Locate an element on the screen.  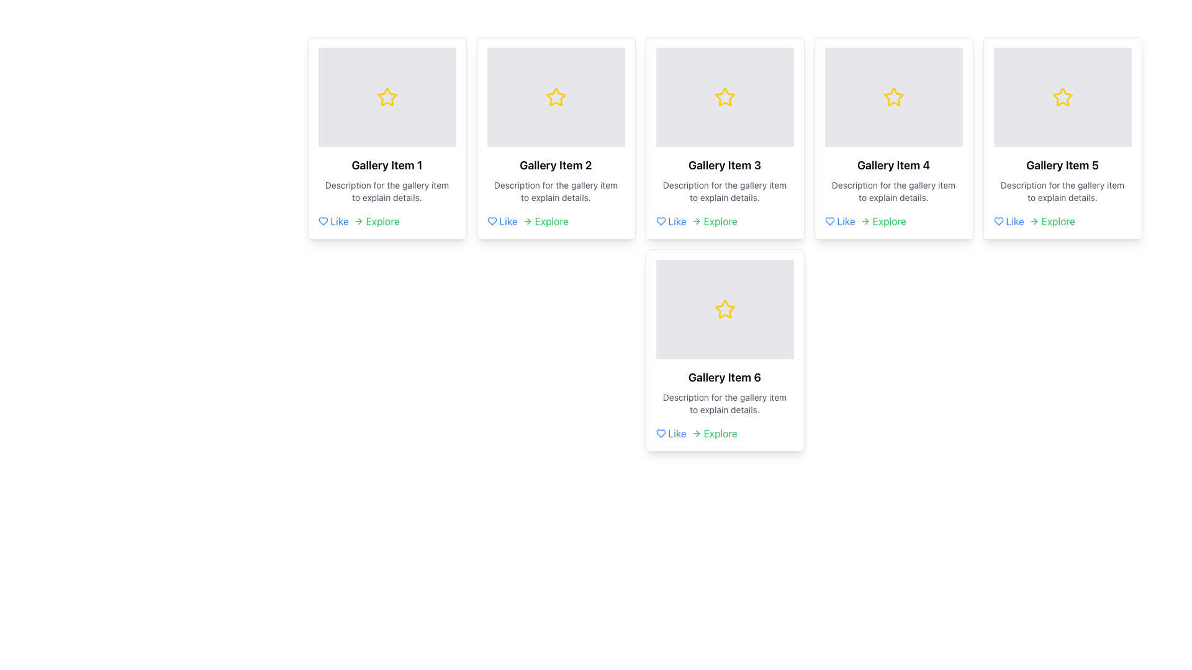
the heart icon with a blue stroke located below the text 'Gallery Item 2' to like or unlike the item is located at coordinates (491, 221).